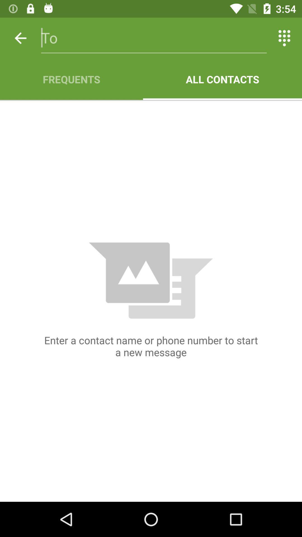 The image size is (302, 537). Describe the element at coordinates (71, 79) in the screenshot. I see `the item to the left of the all contacts` at that location.